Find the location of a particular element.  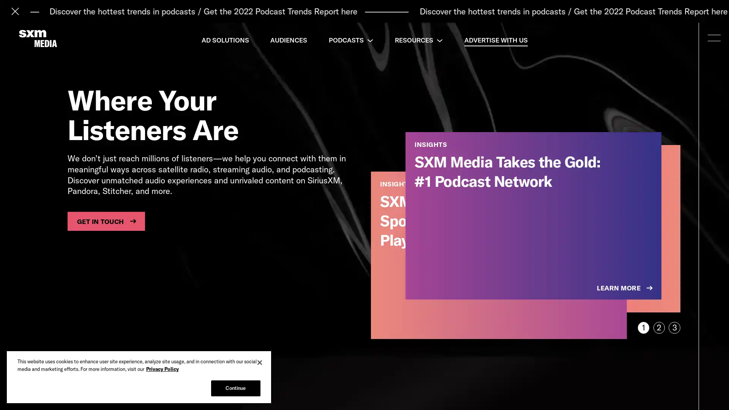

3 is located at coordinates (674, 327).